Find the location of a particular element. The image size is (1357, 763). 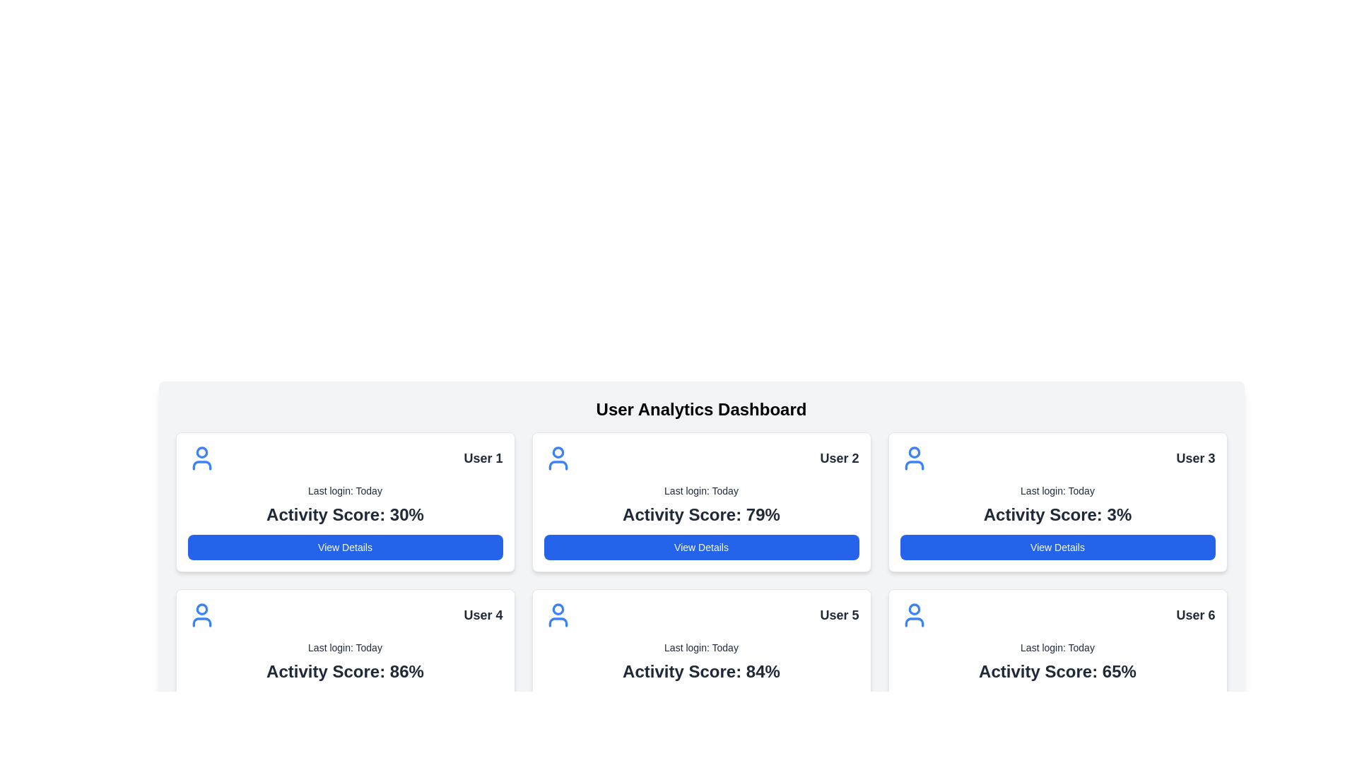

the static text label displaying 'Activity Score: 79%' which is centrally aligned within the 'User 2' card, positioned between 'Last login: Today' and the 'View Details' button is located at coordinates (701, 515).